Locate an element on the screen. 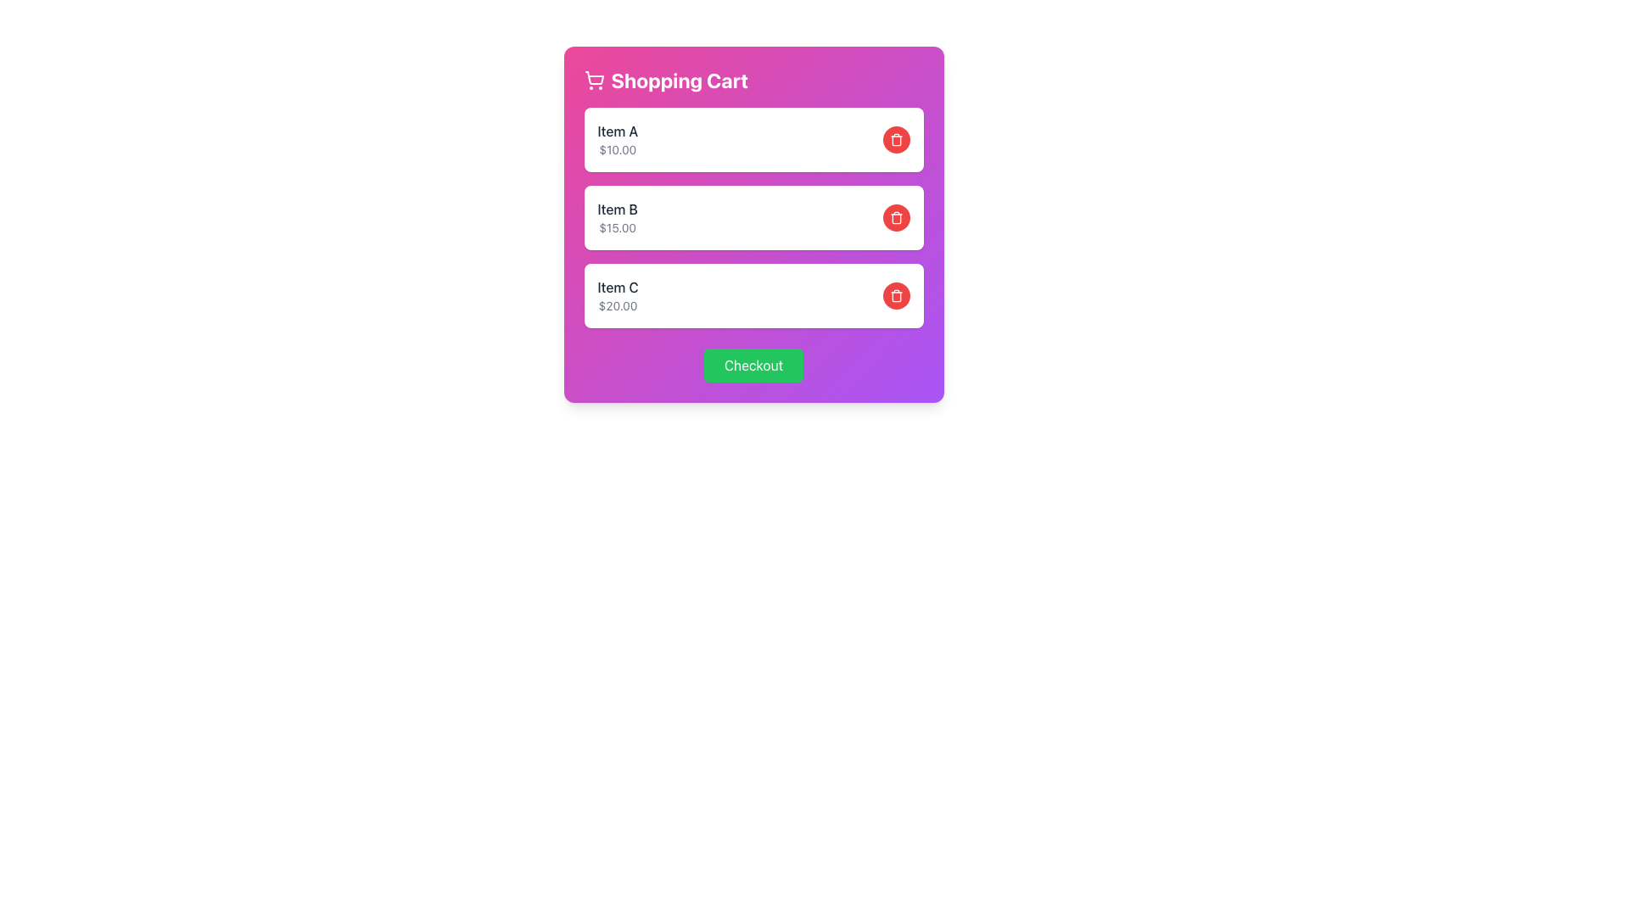  text label displaying the price '$15.00' located below 'Item B' in the shopping cart interface is located at coordinates (617, 227).